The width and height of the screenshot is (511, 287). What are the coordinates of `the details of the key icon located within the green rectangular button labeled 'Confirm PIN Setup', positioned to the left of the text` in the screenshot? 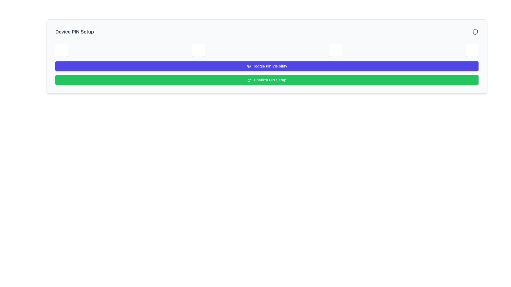 It's located at (249, 80).